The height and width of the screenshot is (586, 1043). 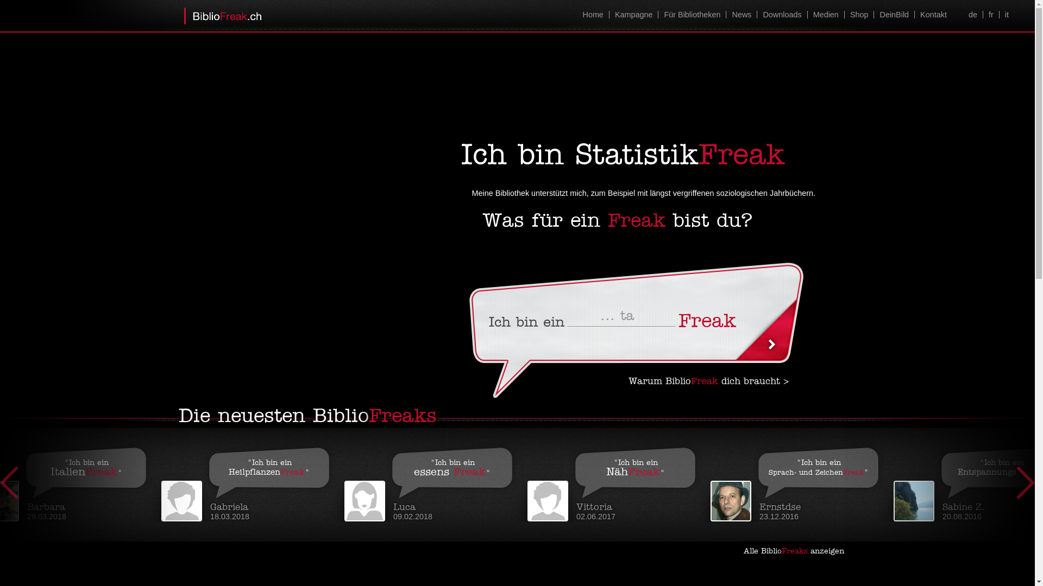 What do you see at coordinates (894, 15) in the screenshot?
I see `'DeinBild'` at bounding box center [894, 15].